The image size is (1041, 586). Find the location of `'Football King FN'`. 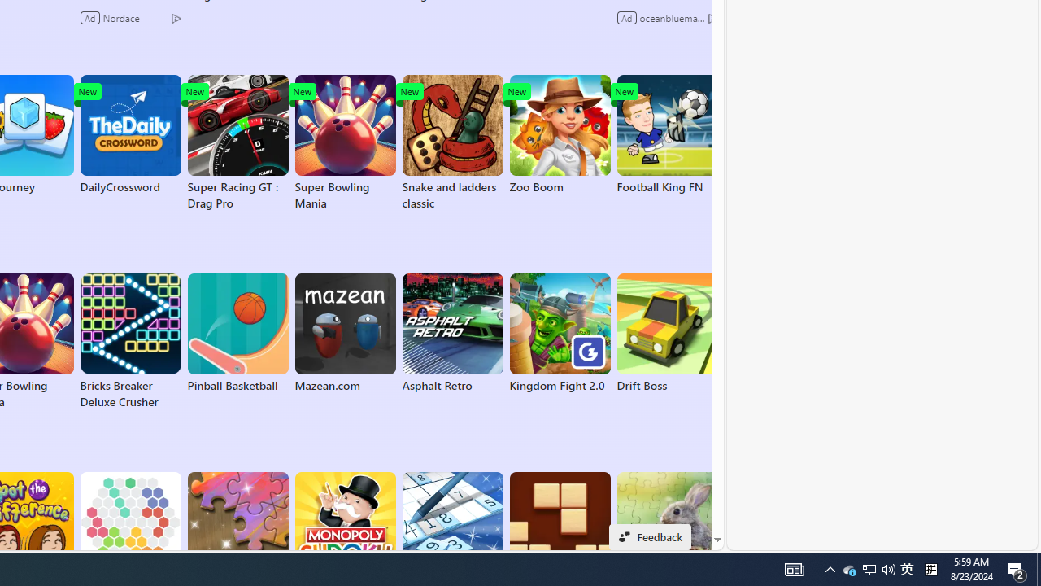

'Football King FN' is located at coordinates (667, 133).